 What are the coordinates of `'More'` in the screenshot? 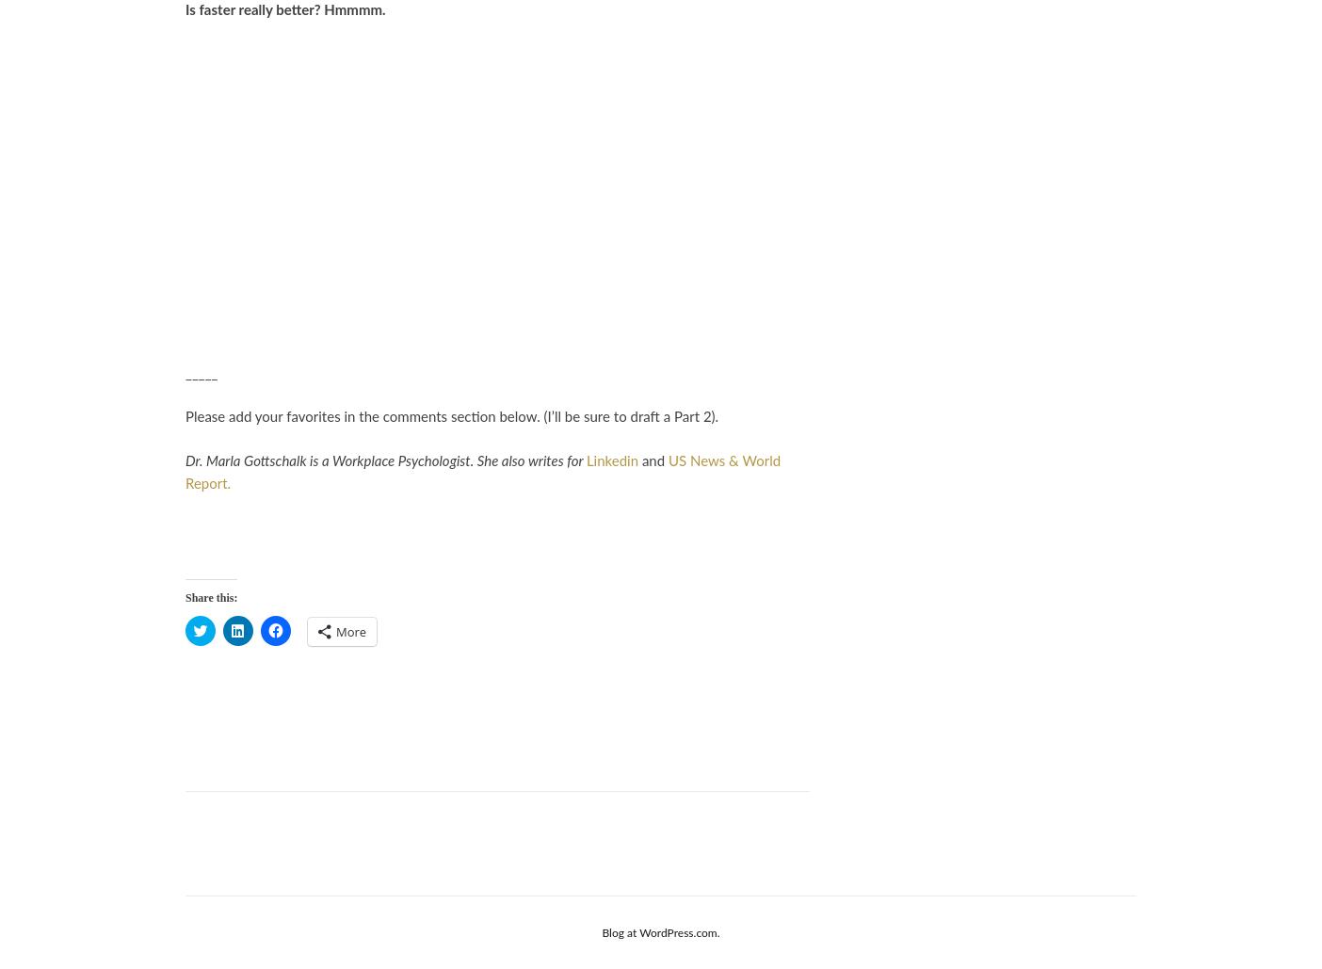 It's located at (349, 631).